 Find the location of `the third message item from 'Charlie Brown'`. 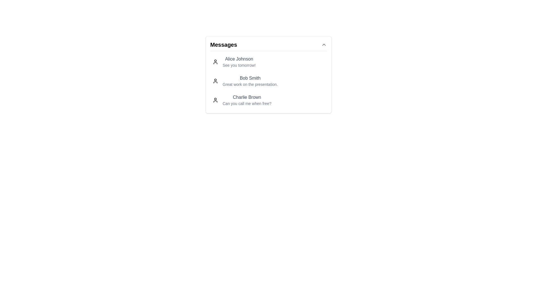

the third message item from 'Charlie Brown' is located at coordinates (268, 100).